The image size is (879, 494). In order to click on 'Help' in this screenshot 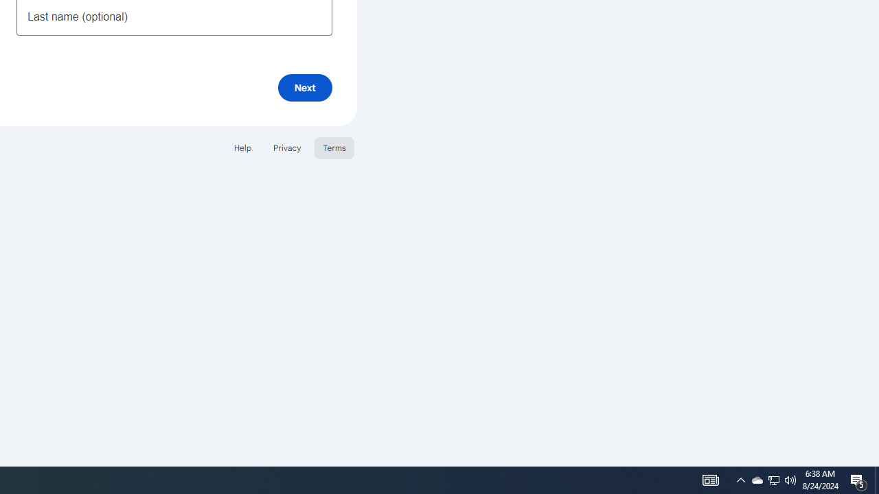, I will do `click(242, 148)`.